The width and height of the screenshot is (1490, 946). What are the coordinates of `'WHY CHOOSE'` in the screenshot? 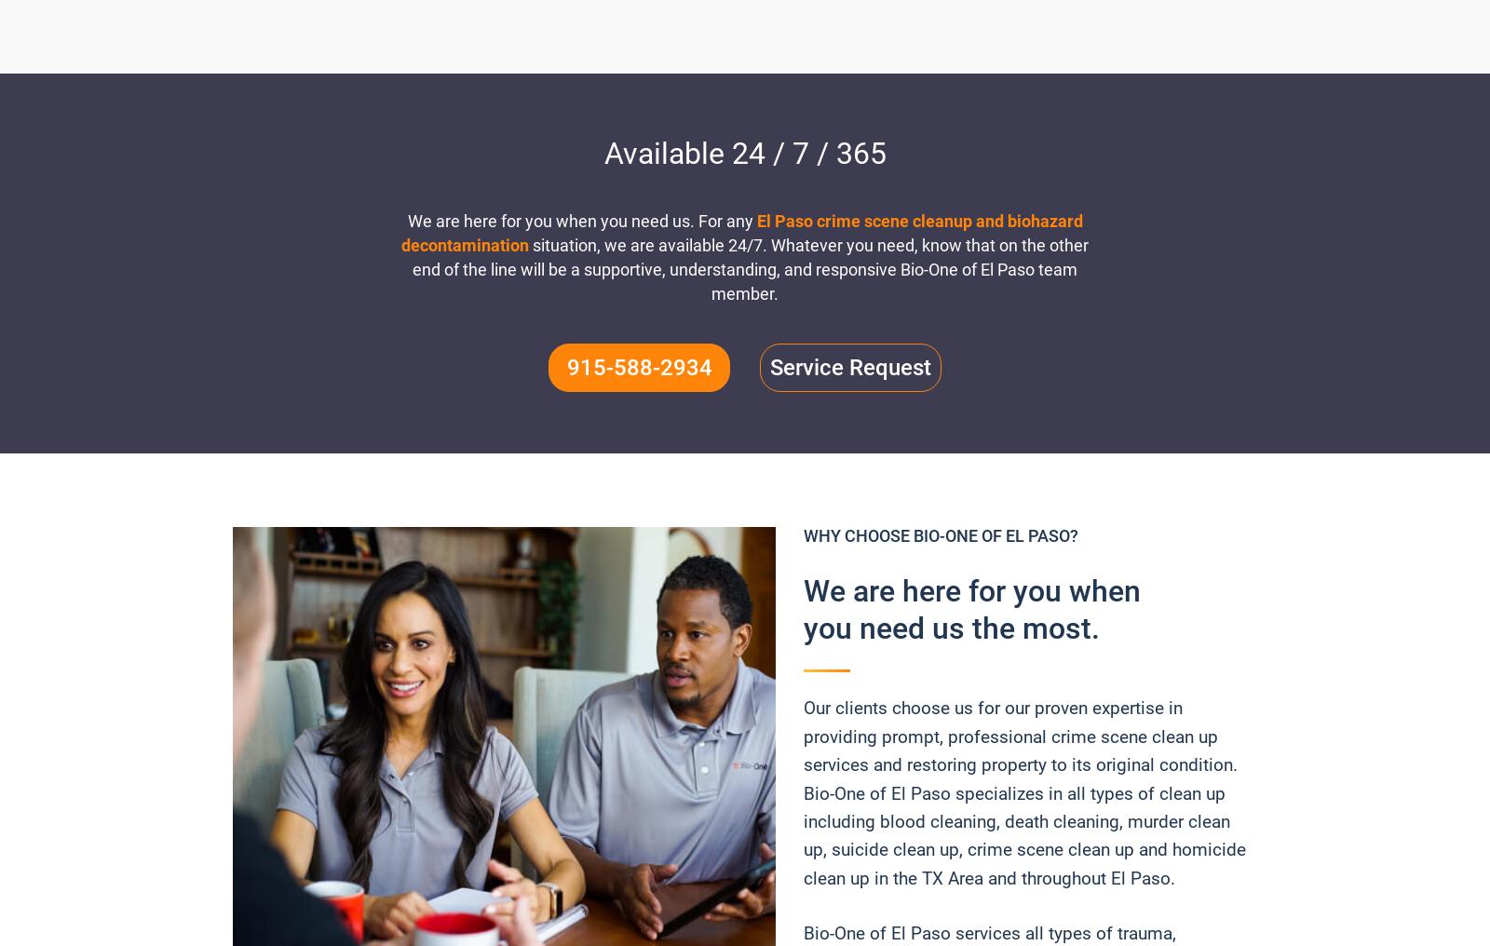 It's located at (858, 534).